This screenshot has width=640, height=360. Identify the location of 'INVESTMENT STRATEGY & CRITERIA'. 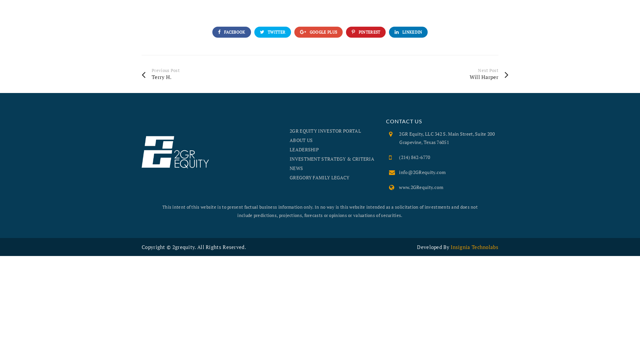
(289, 159).